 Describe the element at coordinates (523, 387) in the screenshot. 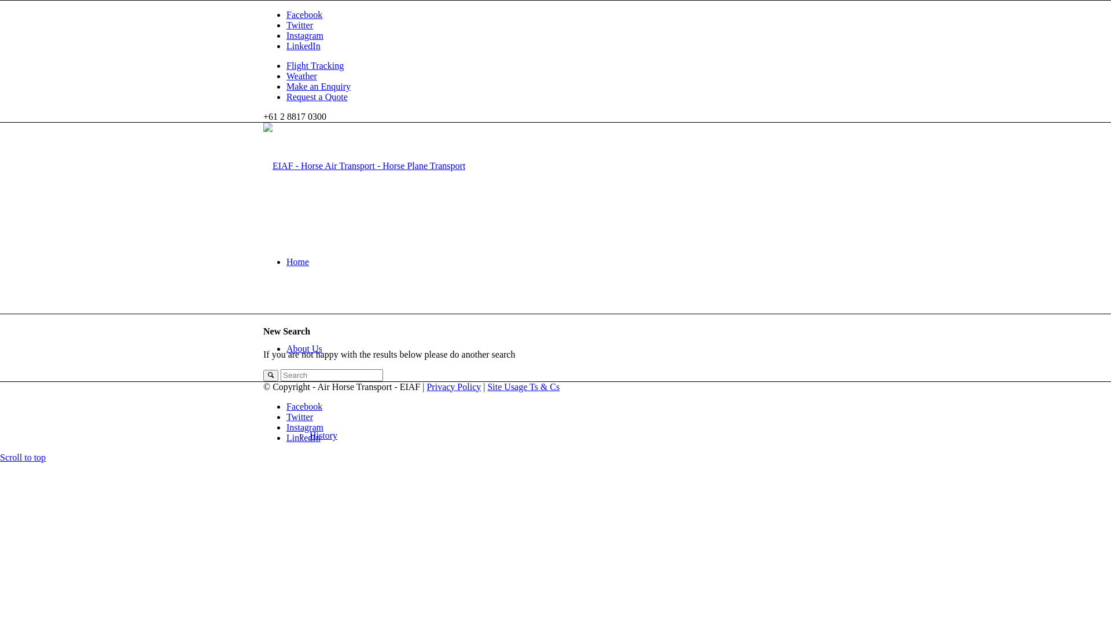

I see `'Site Usage Ts & Cs'` at that location.